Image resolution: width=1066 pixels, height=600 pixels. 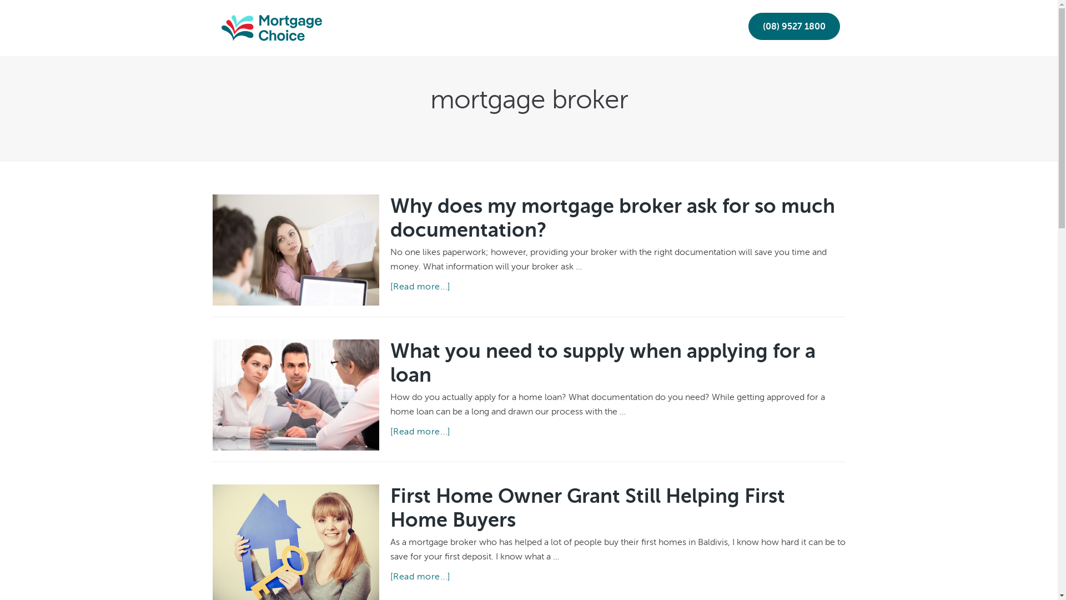 I want to click on 'Skip to main content', so click(x=0, y=0).